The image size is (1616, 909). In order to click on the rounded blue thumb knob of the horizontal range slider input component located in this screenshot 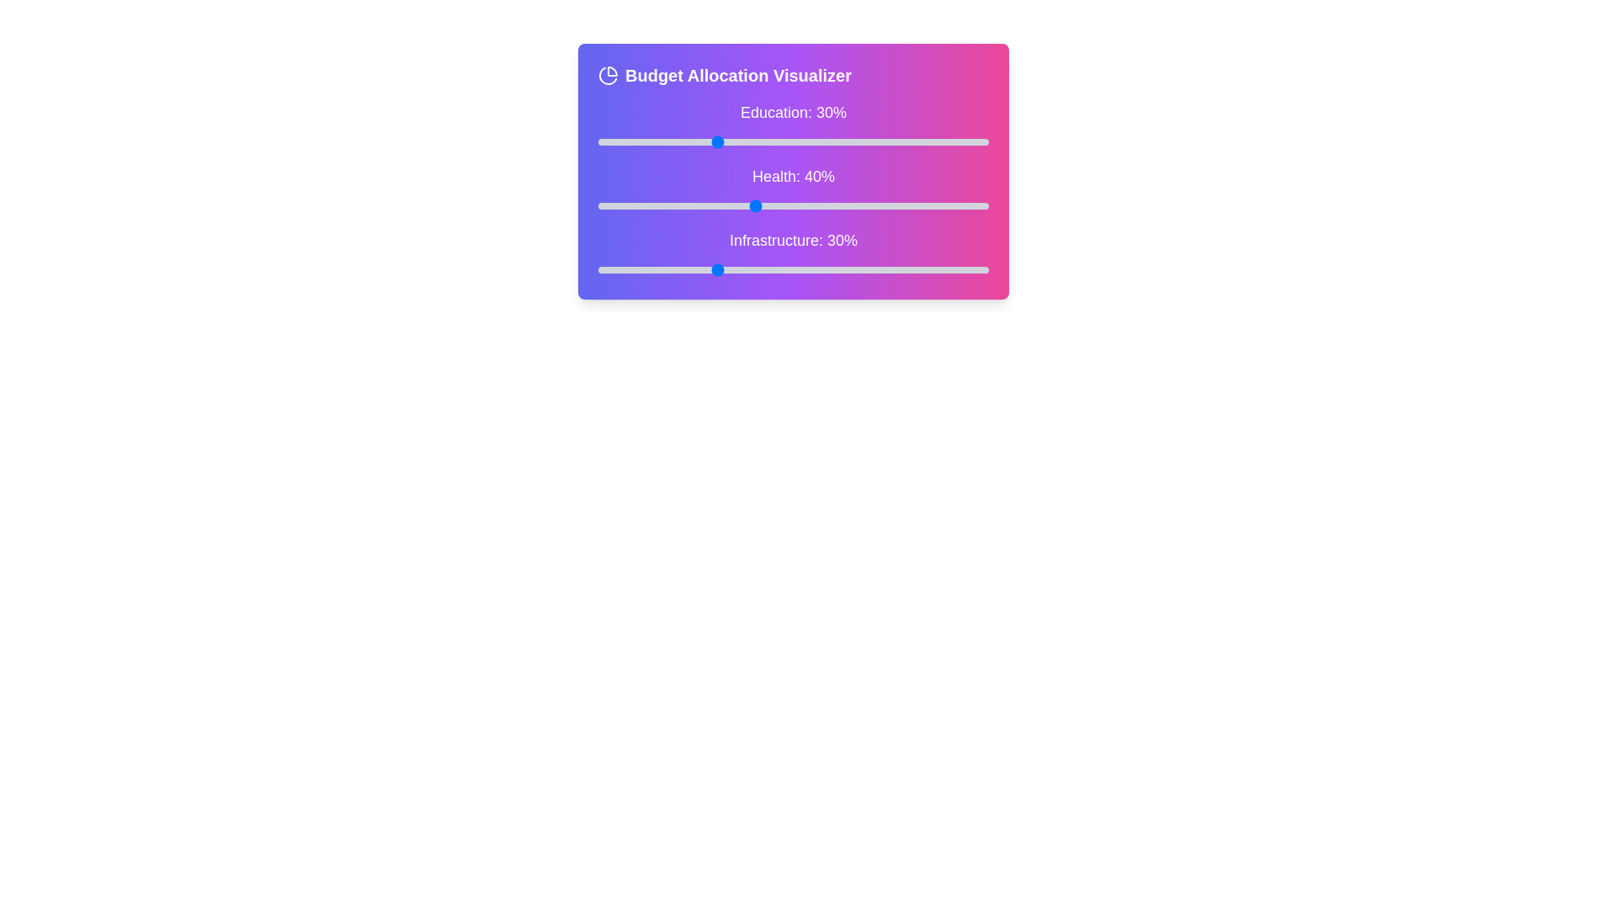, I will do `click(792, 205)`.